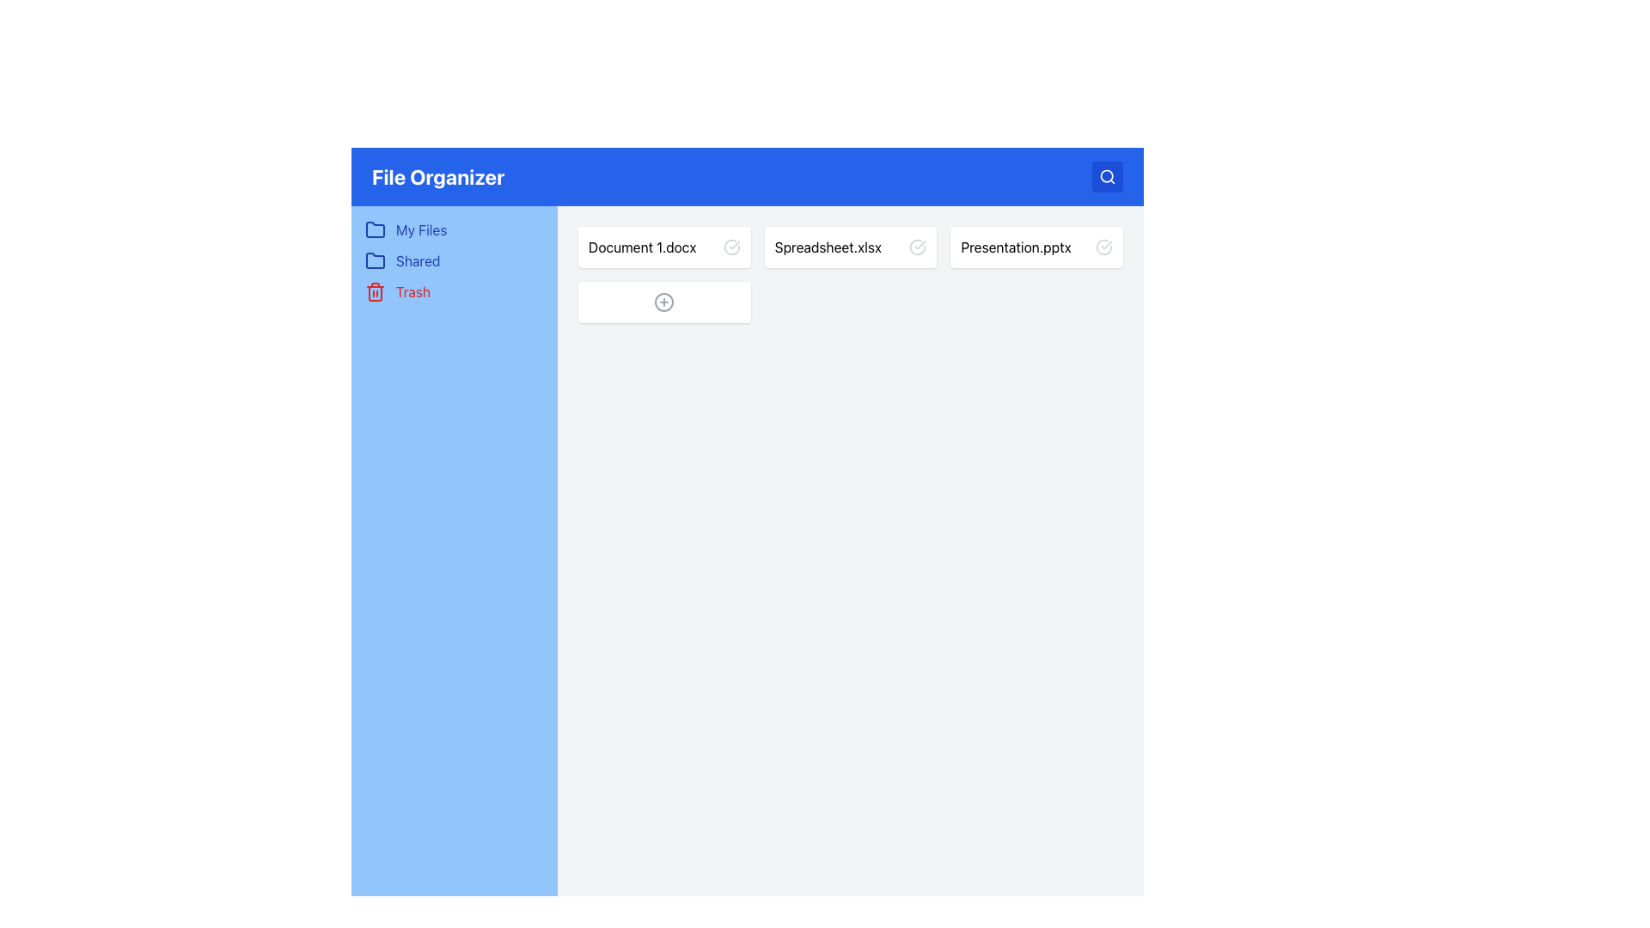 Image resolution: width=1650 pixels, height=928 pixels. Describe the element at coordinates (1104, 247) in the screenshot. I see `the icon indicating an action related to the file 'Presentation.pptx'` at that location.